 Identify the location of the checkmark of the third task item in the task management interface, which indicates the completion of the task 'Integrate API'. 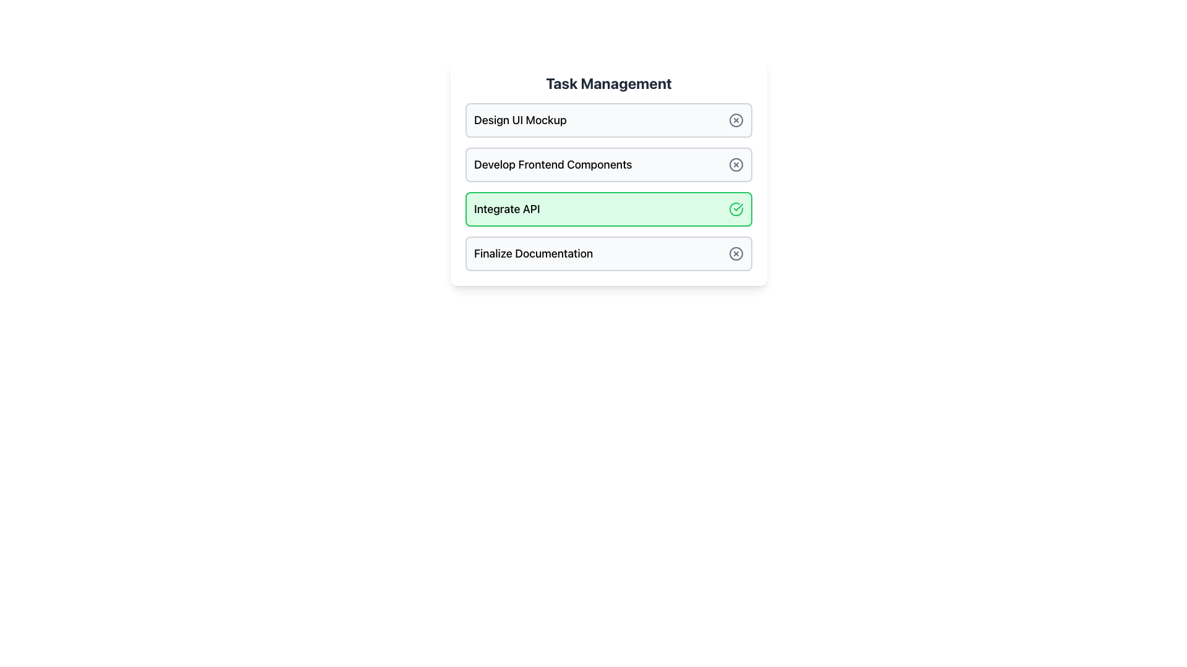
(608, 187).